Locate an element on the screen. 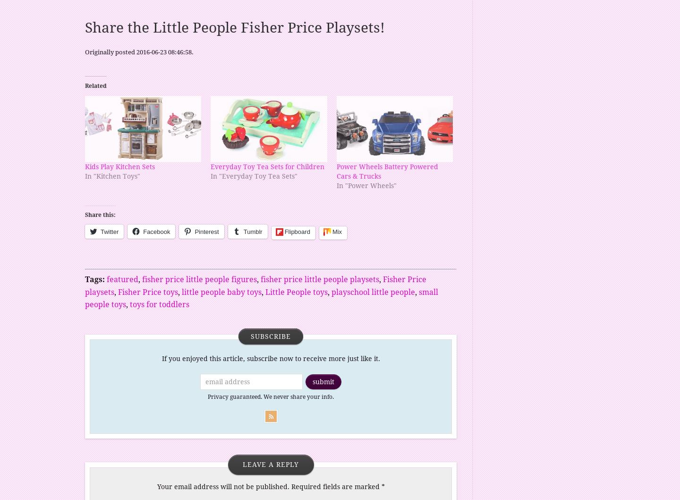 The height and width of the screenshot is (500, 680). 'Leave a Reply' is located at coordinates (271, 464).